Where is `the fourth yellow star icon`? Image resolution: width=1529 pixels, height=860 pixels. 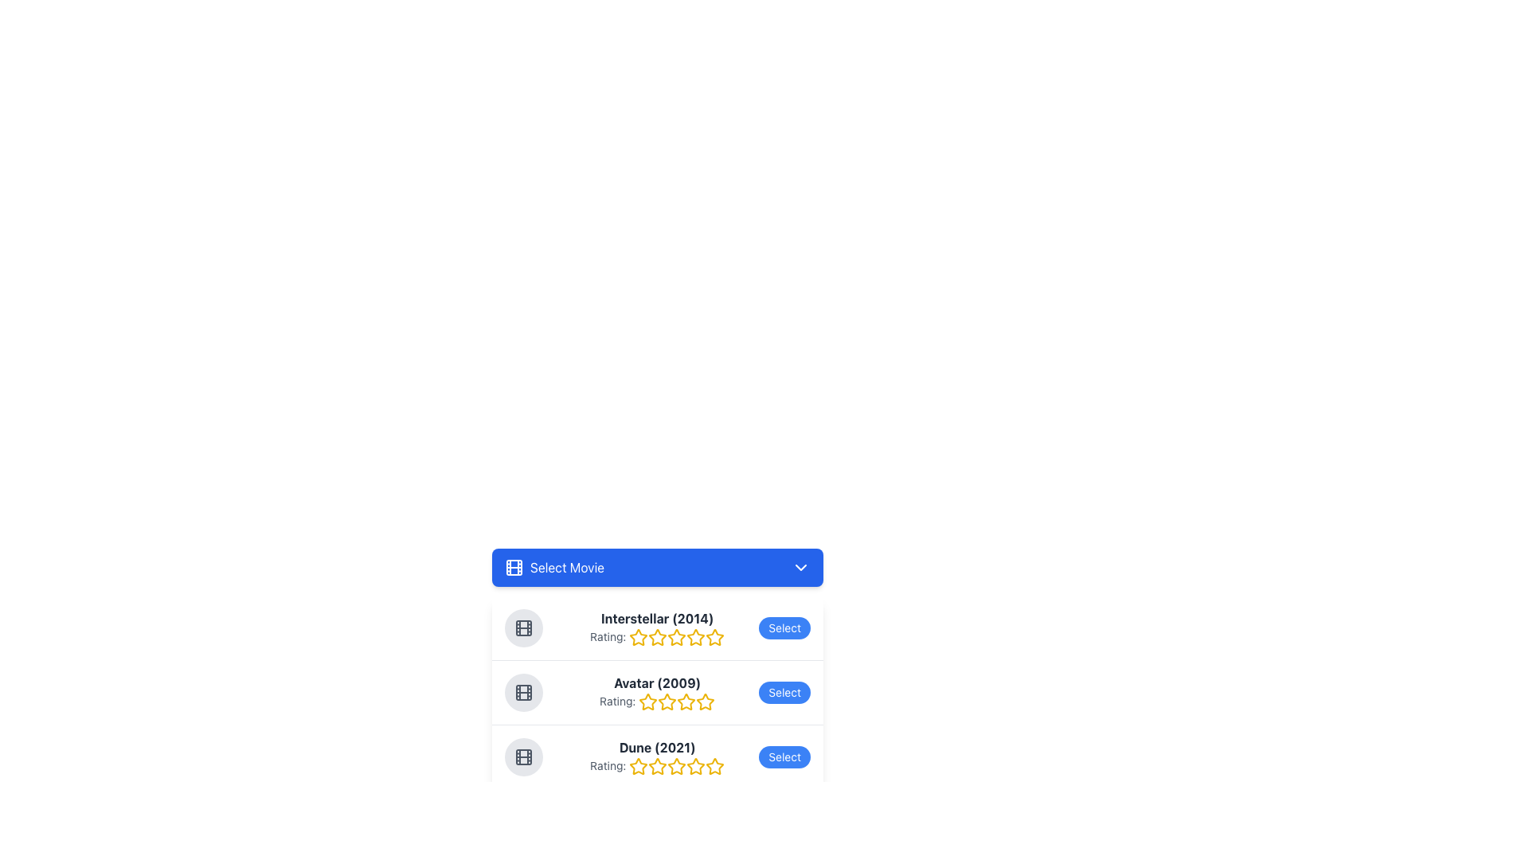 the fourth yellow star icon is located at coordinates (696, 637).